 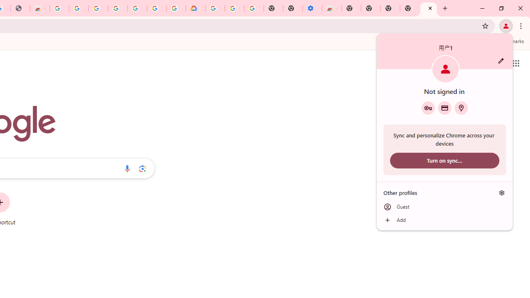 What do you see at coordinates (332, 8) in the screenshot?
I see `'Chrome Web Store - Accessibility extensions'` at bounding box center [332, 8].